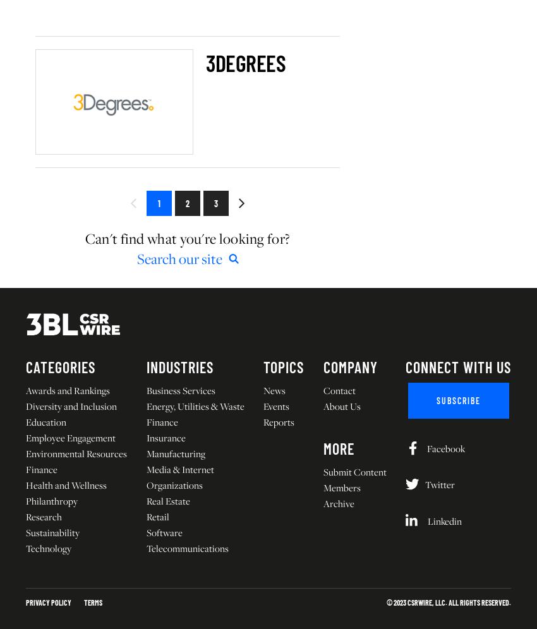  I want to click on 'Diversity and Inclusion', so click(70, 405).